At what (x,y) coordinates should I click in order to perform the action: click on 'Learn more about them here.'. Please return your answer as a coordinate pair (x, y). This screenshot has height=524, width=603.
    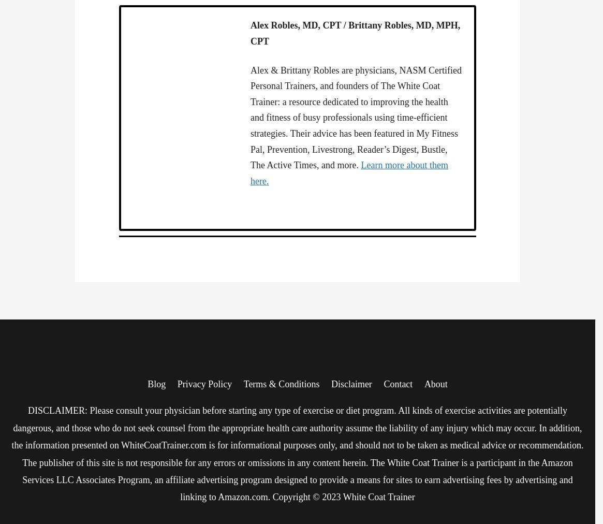
    Looking at the image, I should click on (349, 172).